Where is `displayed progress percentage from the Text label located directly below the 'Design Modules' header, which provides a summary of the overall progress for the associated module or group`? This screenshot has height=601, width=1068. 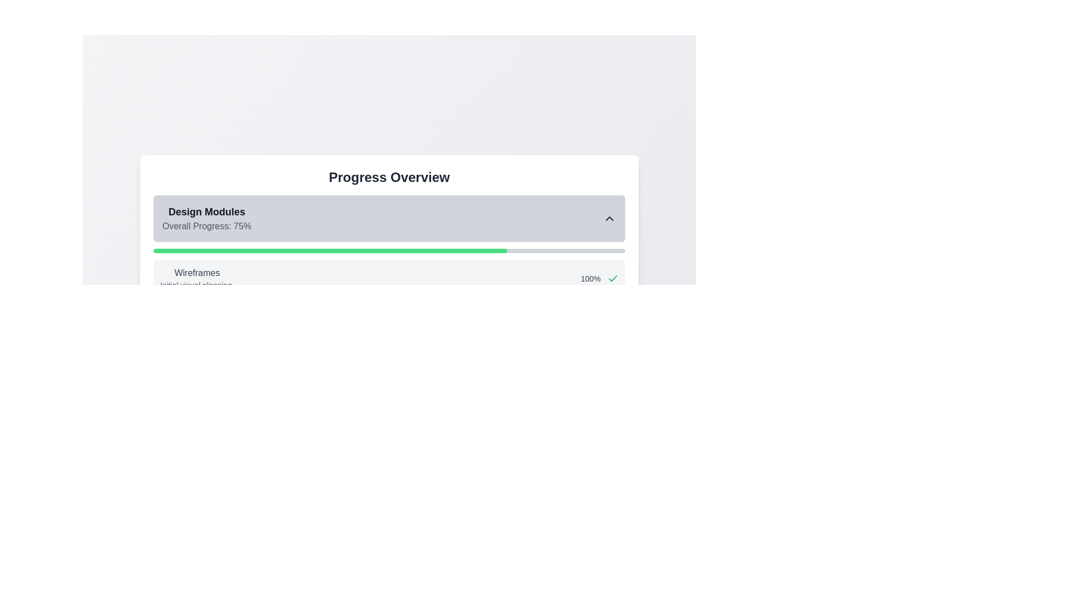 displayed progress percentage from the Text label located directly below the 'Design Modules' header, which provides a summary of the overall progress for the associated module or group is located at coordinates (207, 226).